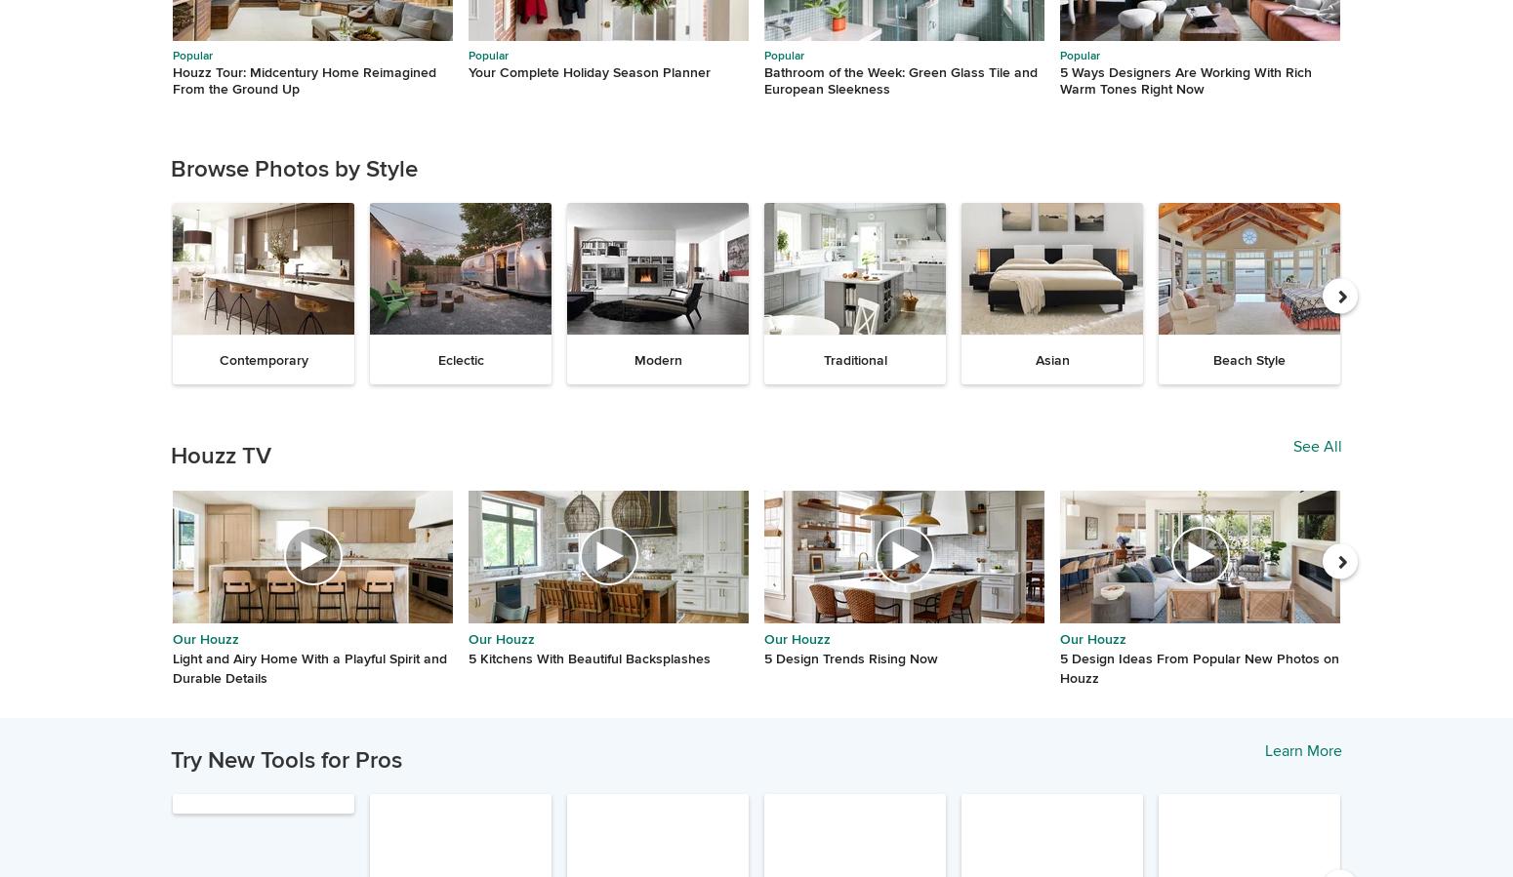 This screenshot has height=877, width=1513. I want to click on 'Try New Tools for Pros', so click(169, 760).